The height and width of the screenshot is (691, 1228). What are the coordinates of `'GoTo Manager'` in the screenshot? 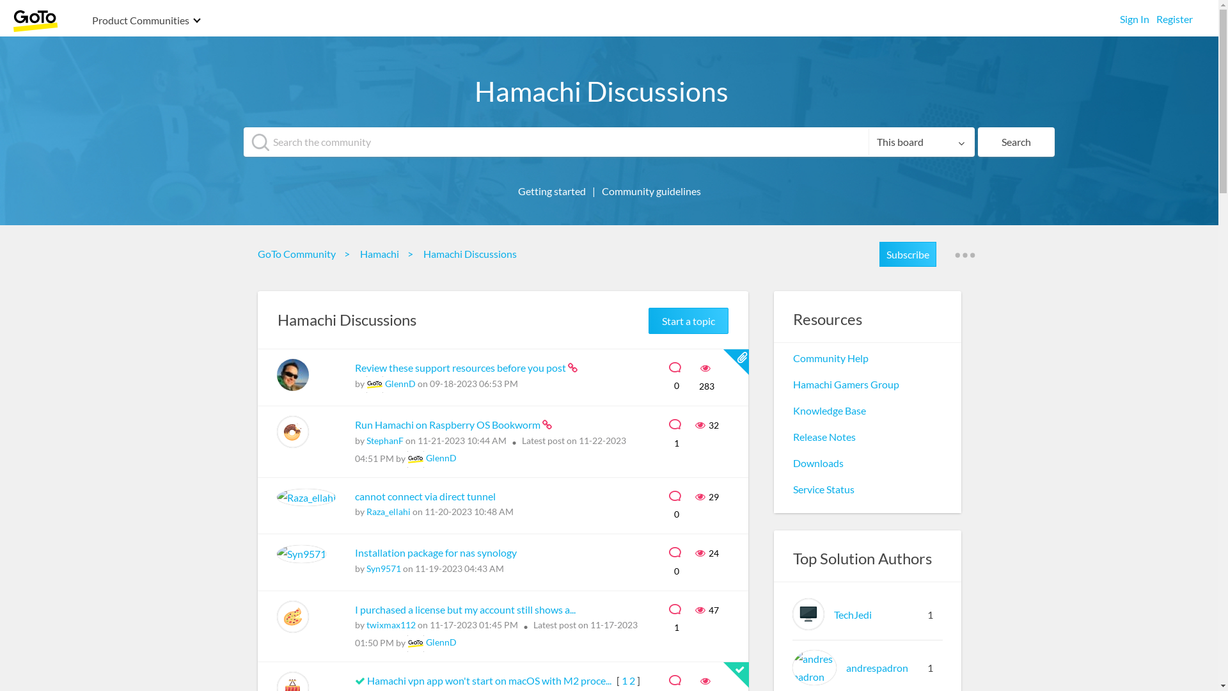 It's located at (414, 458).